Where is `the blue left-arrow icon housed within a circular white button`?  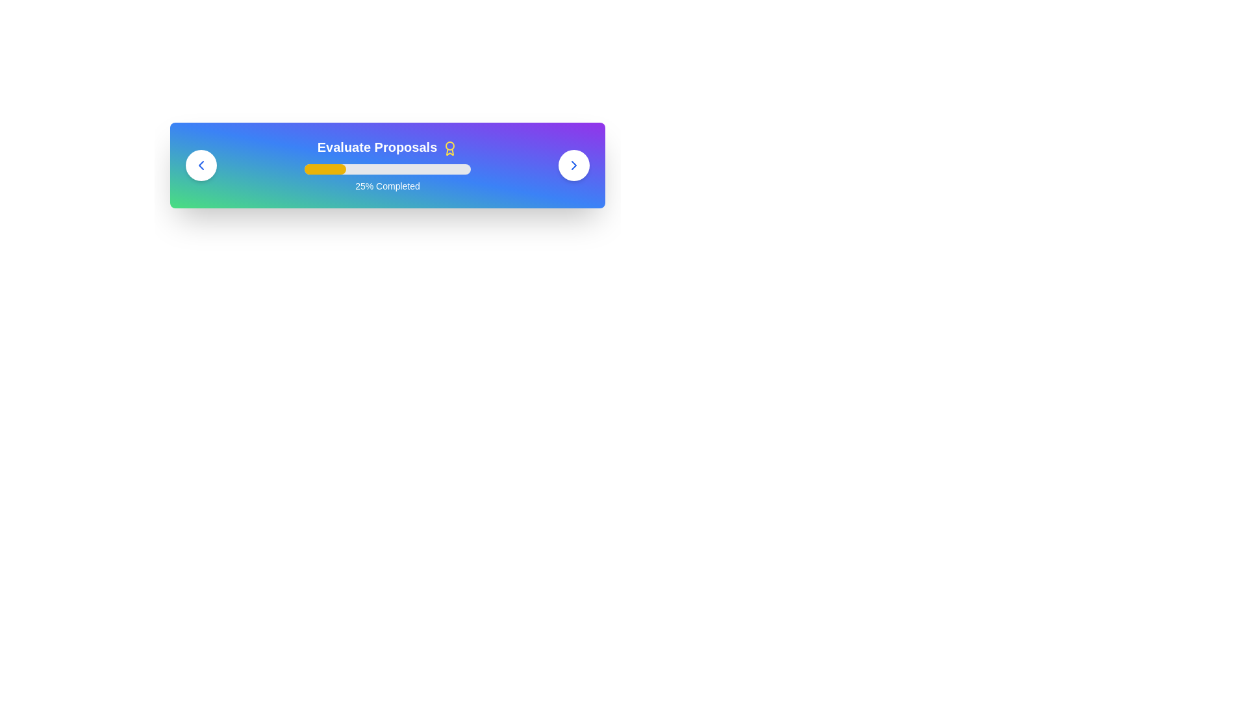 the blue left-arrow icon housed within a circular white button is located at coordinates (201, 164).